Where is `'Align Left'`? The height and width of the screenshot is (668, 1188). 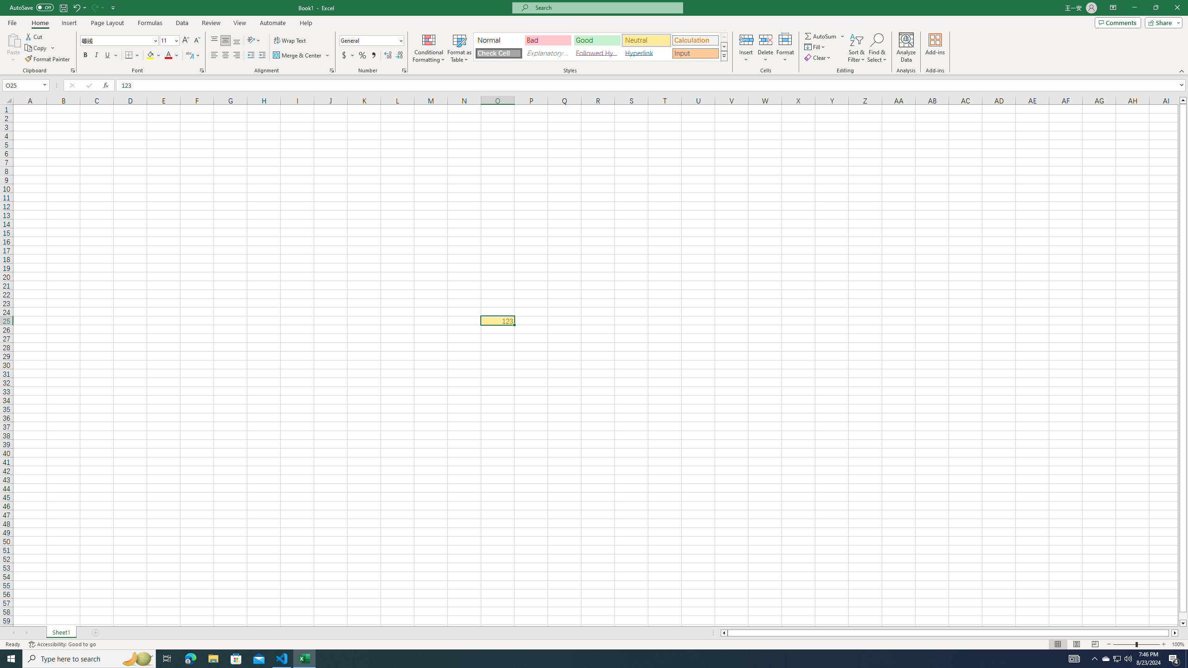 'Align Left' is located at coordinates (214, 55).